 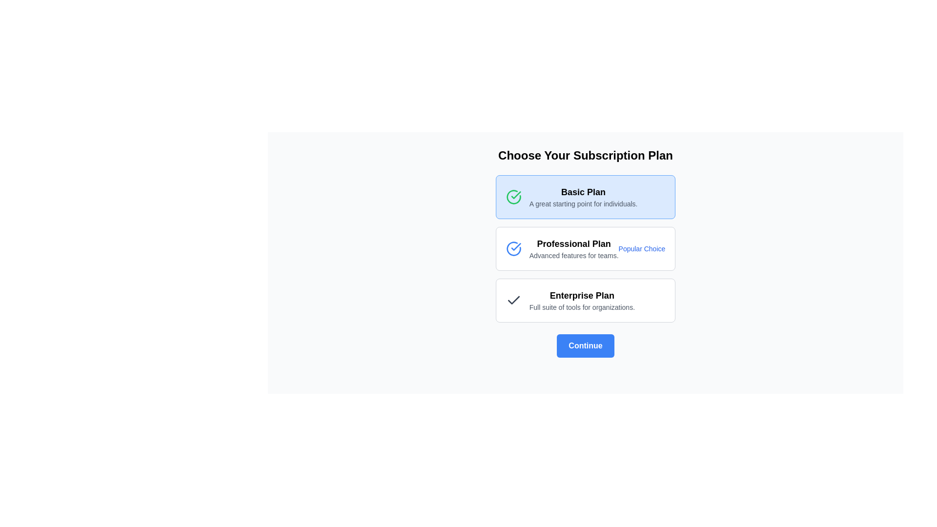 I want to click on the title text 'Enterprise Plan' of the selectable item, so click(x=570, y=300).